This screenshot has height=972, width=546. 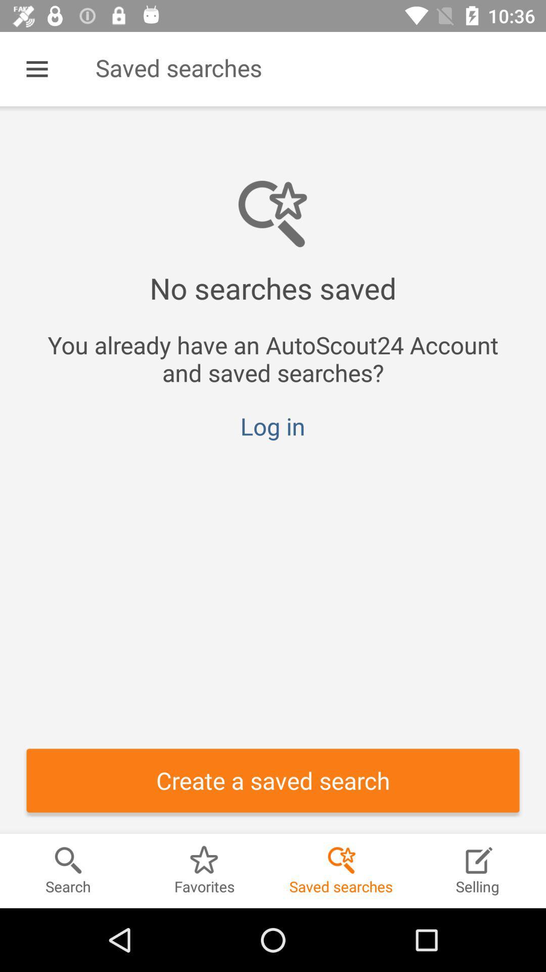 I want to click on the icon above the create a saved, so click(x=272, y=426).